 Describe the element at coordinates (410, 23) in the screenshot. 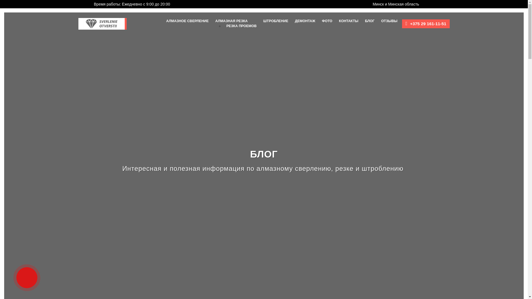

I see `'+375 29 161-11-51'` at that location.